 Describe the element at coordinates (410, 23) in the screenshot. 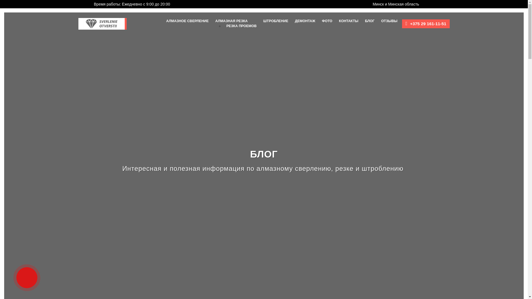

I see `'+375 29 161-11-51'` at that location.